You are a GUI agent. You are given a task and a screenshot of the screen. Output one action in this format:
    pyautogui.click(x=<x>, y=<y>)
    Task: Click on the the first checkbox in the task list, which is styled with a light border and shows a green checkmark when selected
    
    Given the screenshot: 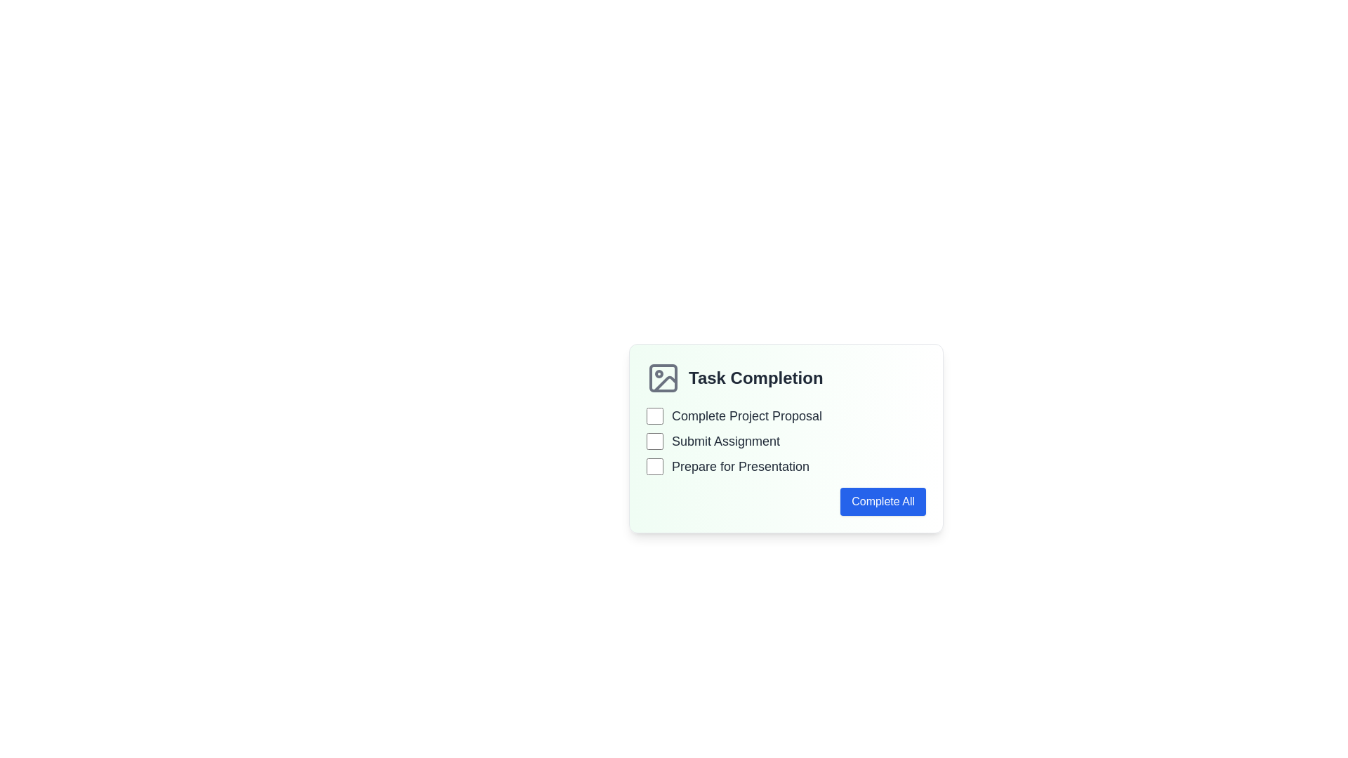 What is the action you would take?
    pyautogui.click(x=654, y=415)
    